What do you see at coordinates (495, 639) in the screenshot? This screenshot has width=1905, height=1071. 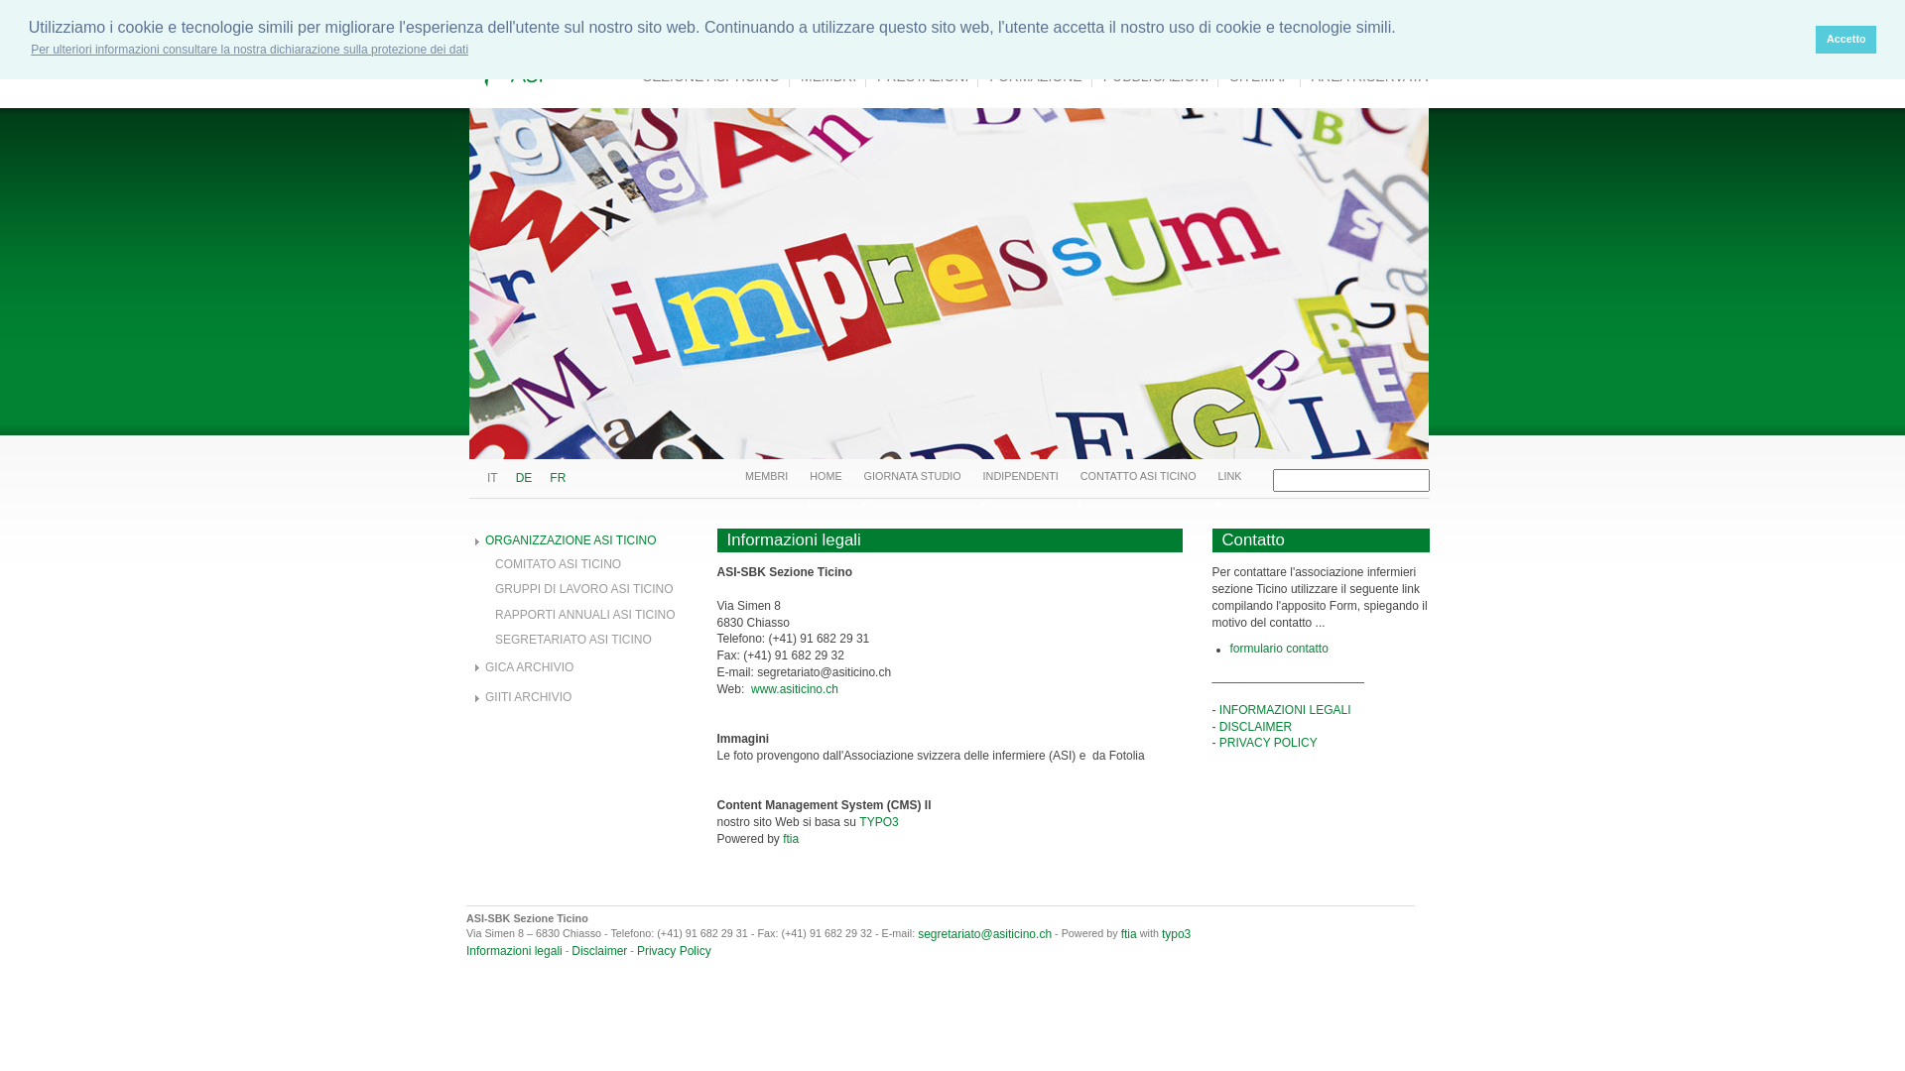 I see `'SEGRETARIATO ASI TICINO'` at bounding box center [495, 639].